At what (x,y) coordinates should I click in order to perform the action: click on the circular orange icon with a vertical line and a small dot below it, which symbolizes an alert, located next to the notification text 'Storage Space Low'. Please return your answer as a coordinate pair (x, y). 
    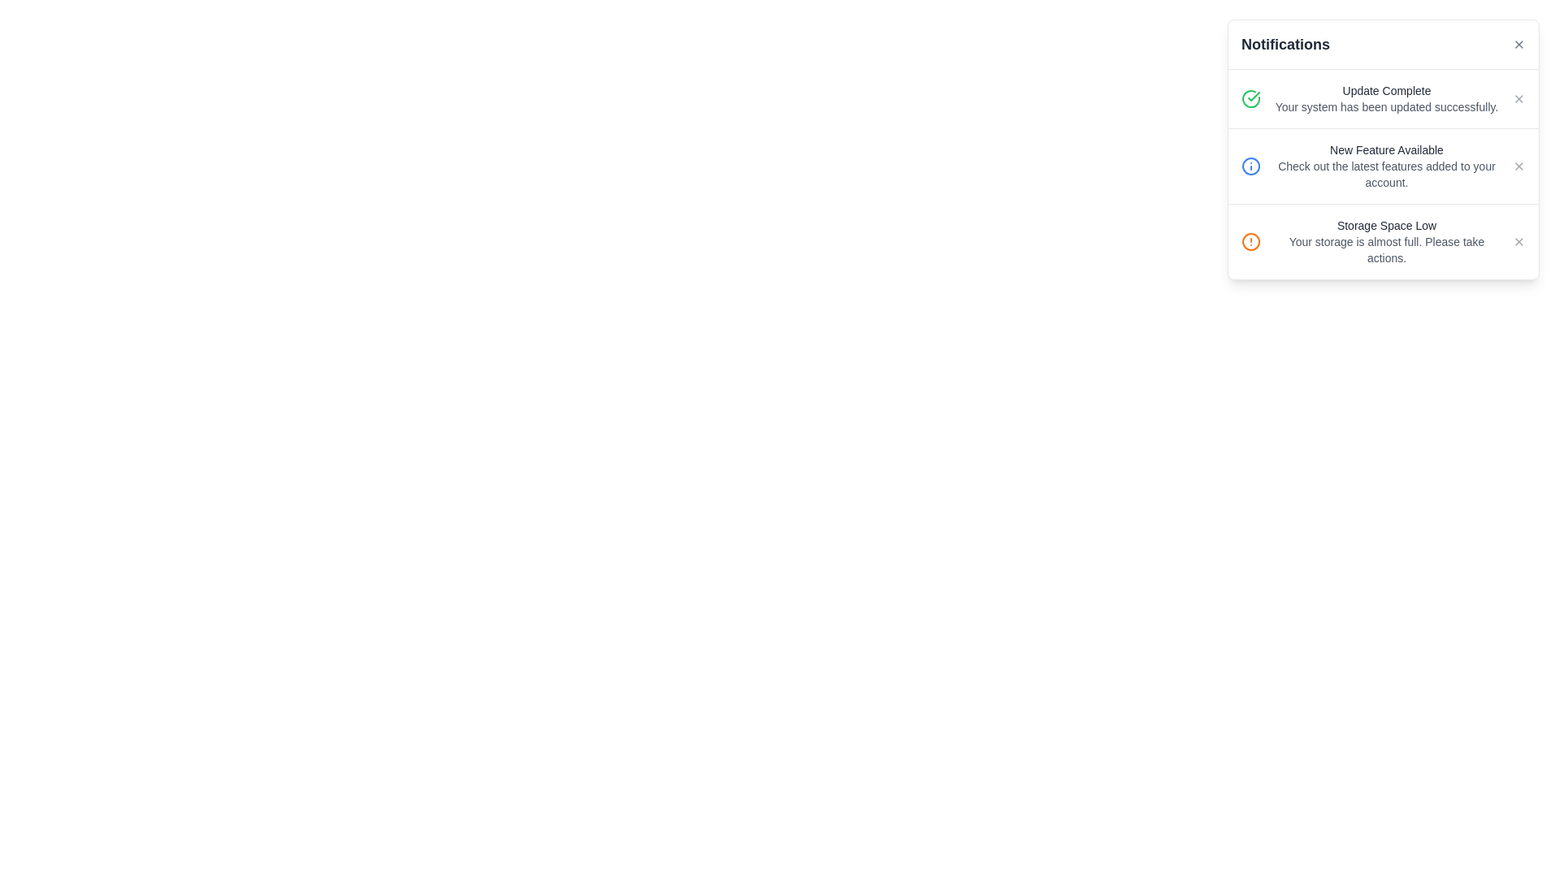
    Looking at the image, I should click on (1250, 241).